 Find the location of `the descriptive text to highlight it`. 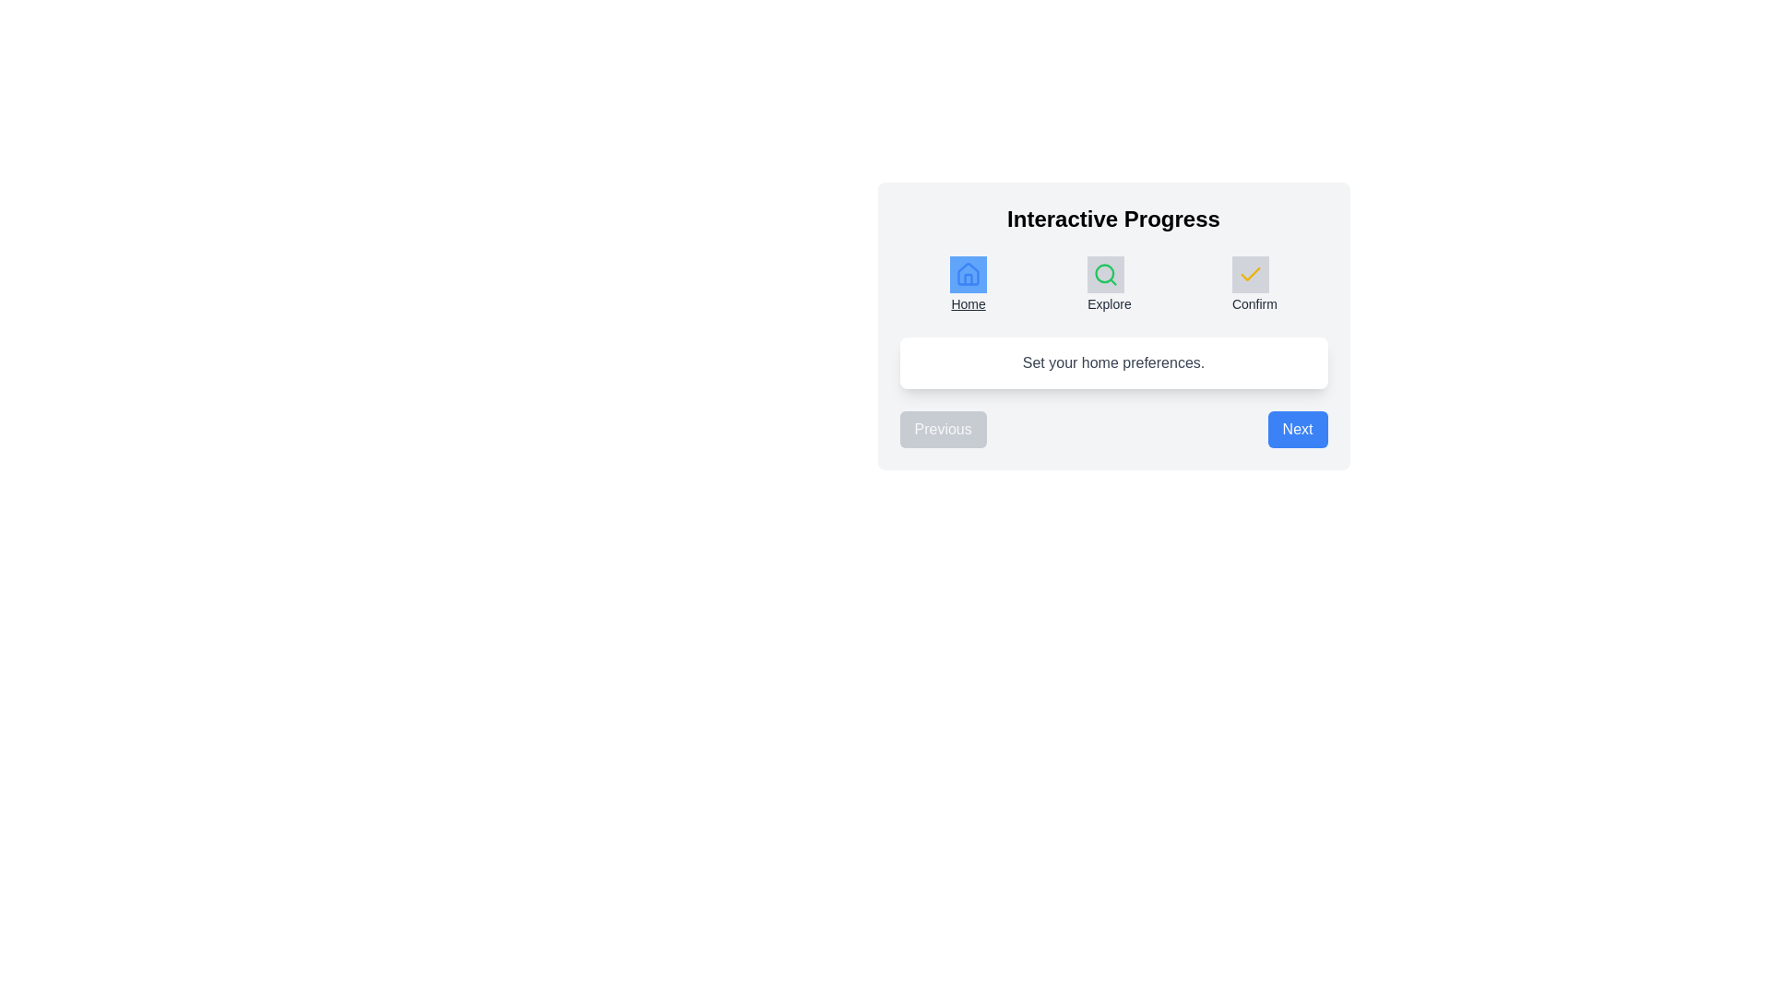

the descriptive text to highlight it is located at coordinates (1112, 362).